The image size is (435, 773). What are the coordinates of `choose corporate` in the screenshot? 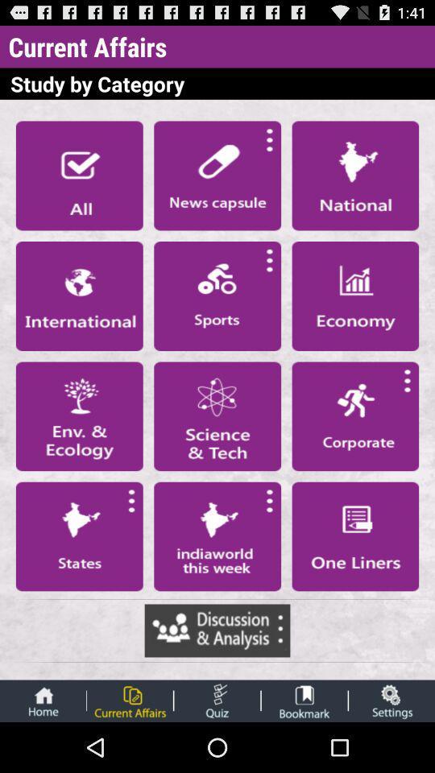 It's located at (355, 415).